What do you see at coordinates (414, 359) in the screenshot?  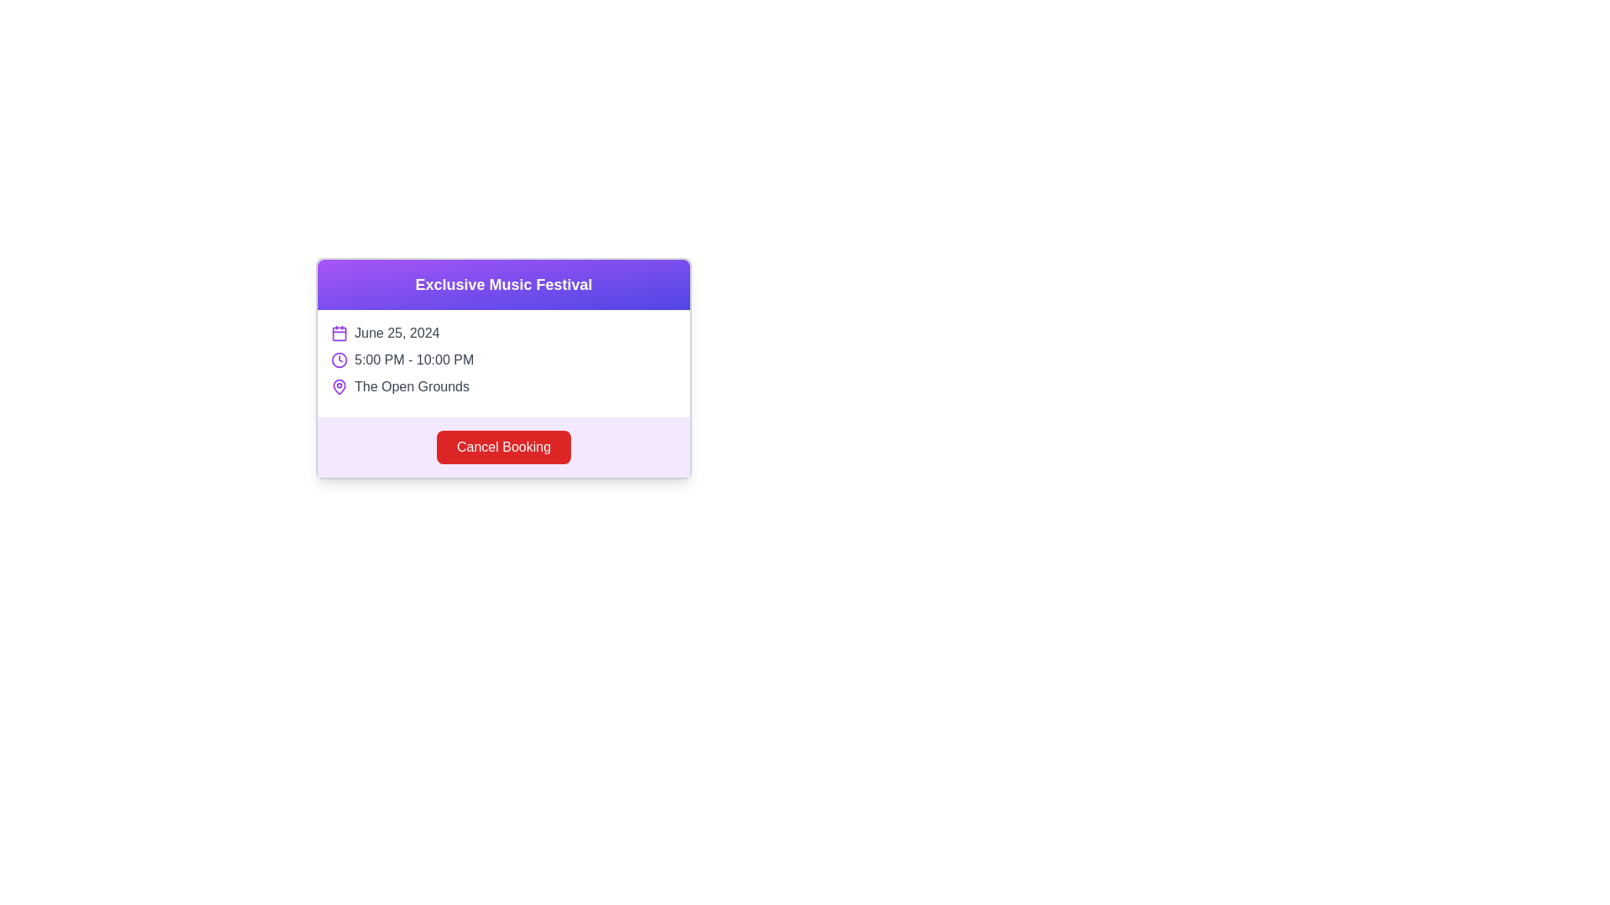 I see `displayed text '5:00 PM - 10:00 PM' from the Text Label located directly to the right of a purple clock icon and below 'June 25, 2024'` at bounding box center [414, 359].